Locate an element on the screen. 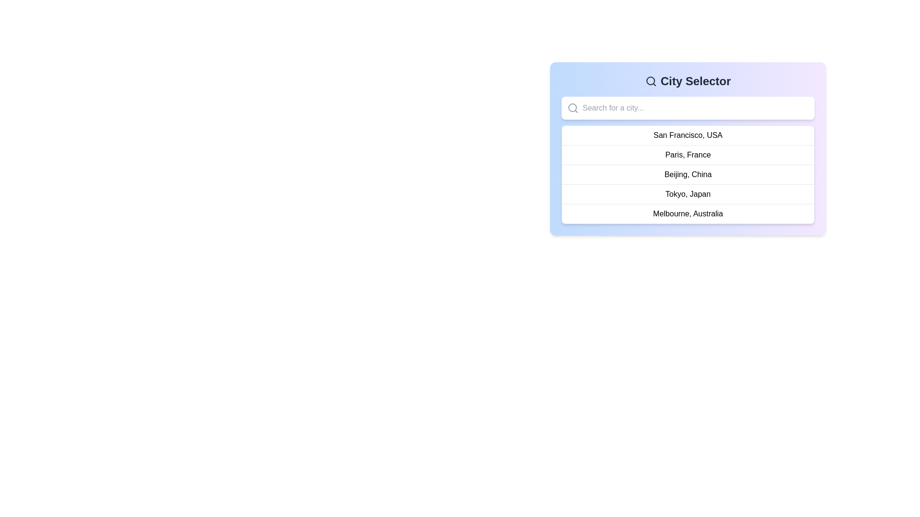 The height and width of the screenshot is (517, 920). the fourth item in the 'City Selector' dropdown, which represents the city 'Tokyo, Japan' is located at coordinates (687, 194).